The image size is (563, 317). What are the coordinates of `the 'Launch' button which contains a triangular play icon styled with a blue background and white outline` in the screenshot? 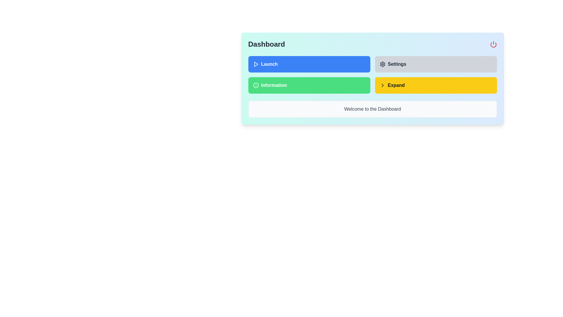 It's located at (256, 64).